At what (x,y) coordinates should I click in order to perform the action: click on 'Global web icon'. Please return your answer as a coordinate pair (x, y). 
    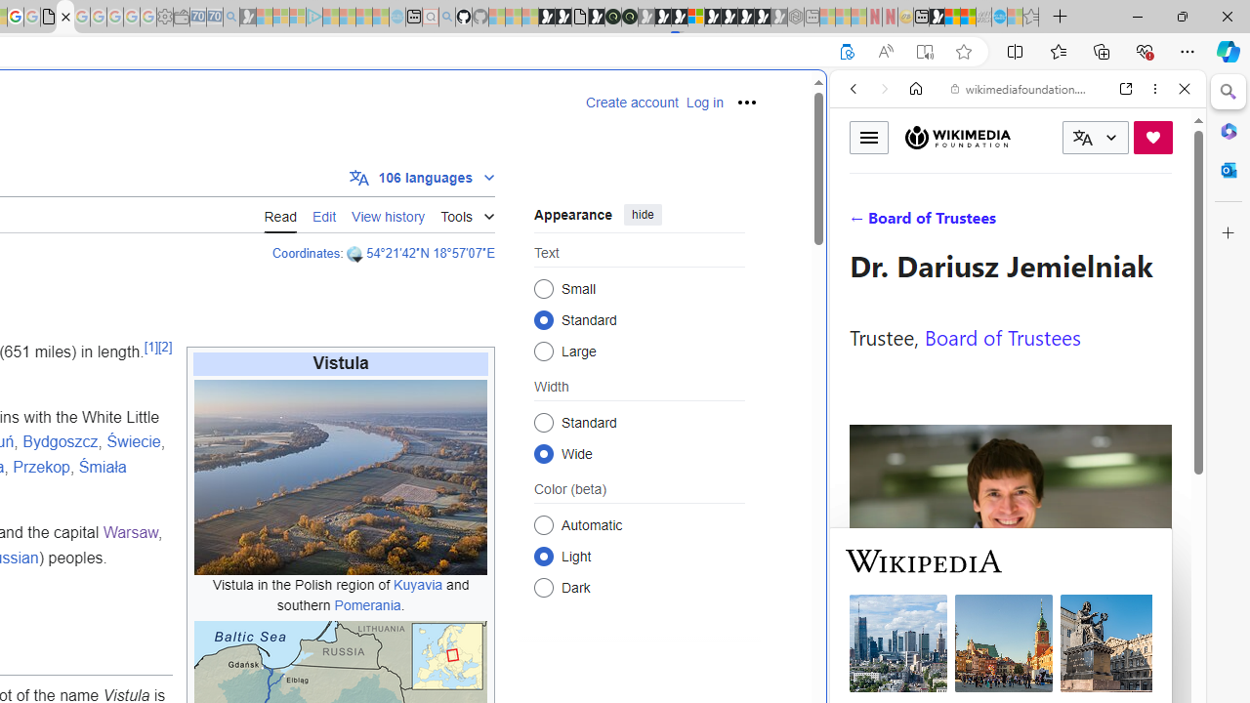
    Looking at the image, I should click on (866, 653).